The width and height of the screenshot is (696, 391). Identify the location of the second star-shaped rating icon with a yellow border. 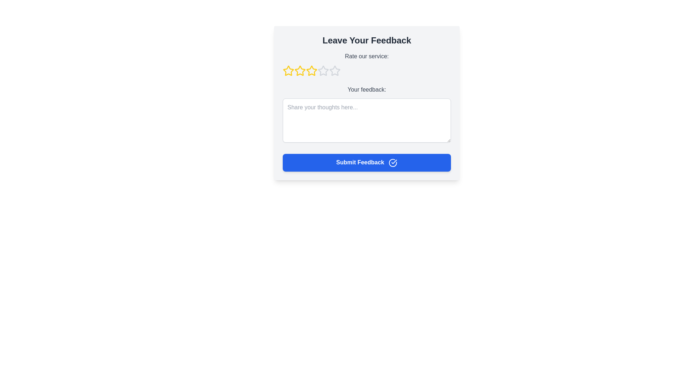
(300, 71).